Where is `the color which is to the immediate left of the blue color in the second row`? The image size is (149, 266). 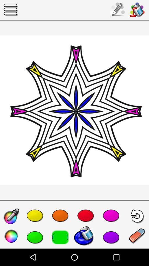
the color which is to the immediate left of the blue color in the second row is located at coordinates (58, 236).